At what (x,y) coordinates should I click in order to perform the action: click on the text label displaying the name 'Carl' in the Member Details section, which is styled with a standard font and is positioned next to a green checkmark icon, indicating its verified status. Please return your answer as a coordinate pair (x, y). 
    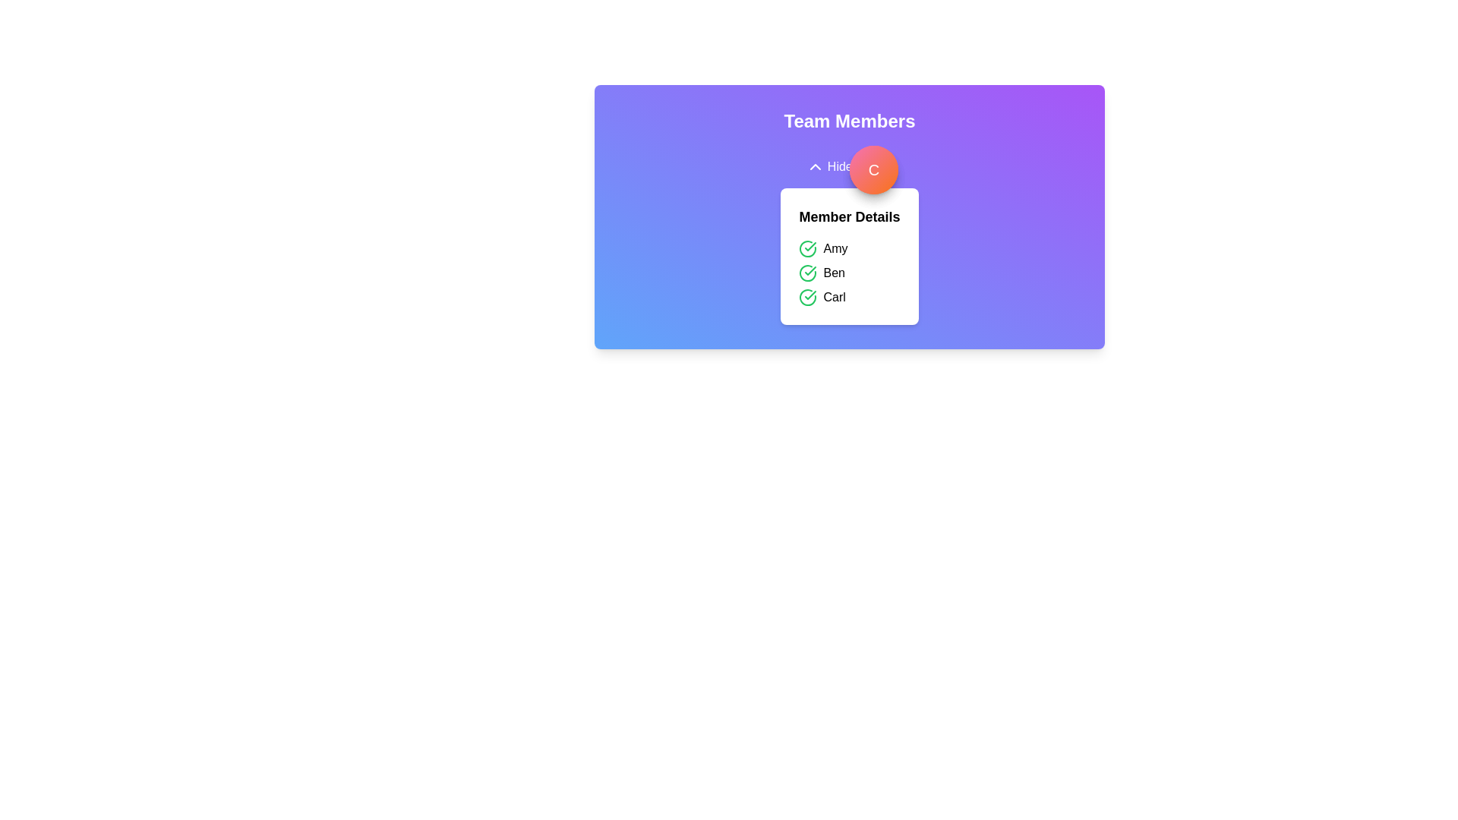
    Looking at the image, I should click on (834, 298).